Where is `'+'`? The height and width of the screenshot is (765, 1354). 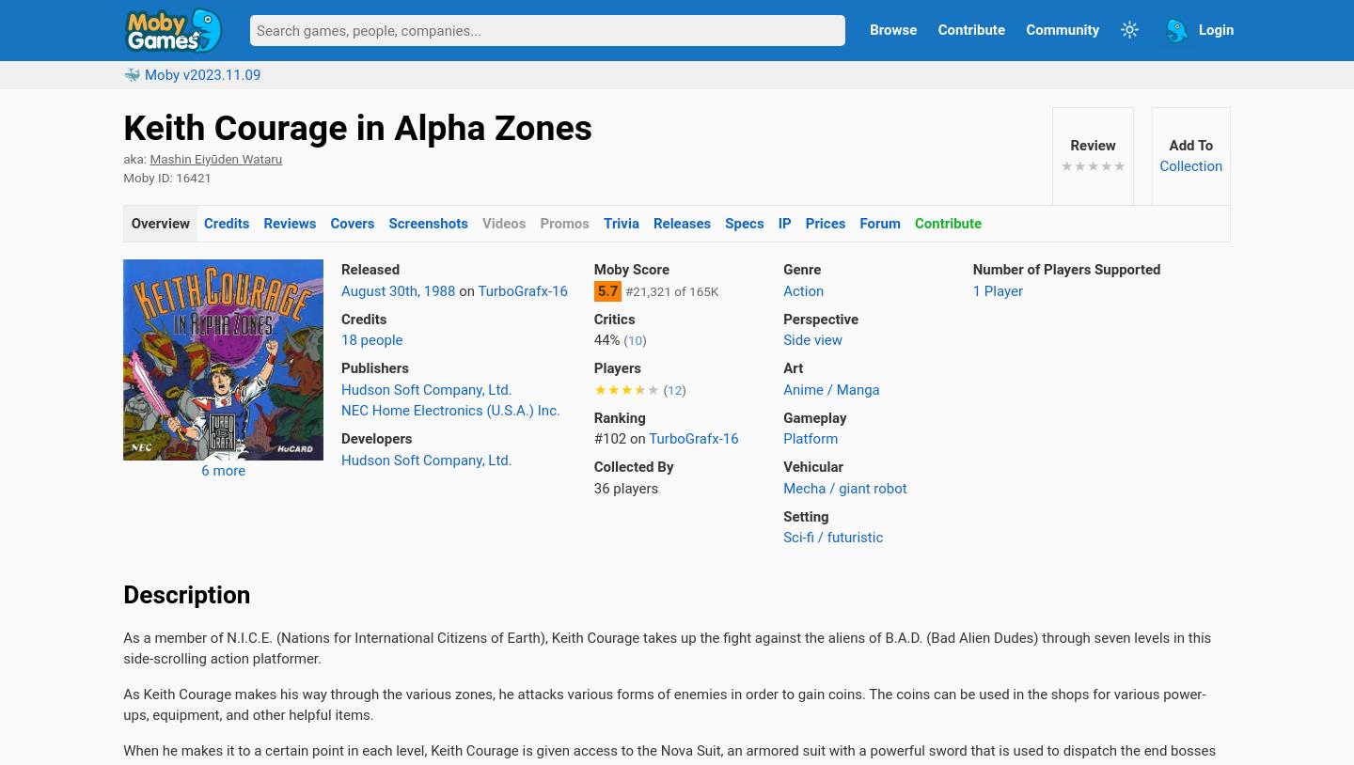 '+' is located at coordinates (247, 716).